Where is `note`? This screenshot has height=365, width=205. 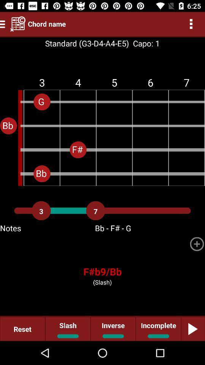 note is located at coordinates (197, 243).